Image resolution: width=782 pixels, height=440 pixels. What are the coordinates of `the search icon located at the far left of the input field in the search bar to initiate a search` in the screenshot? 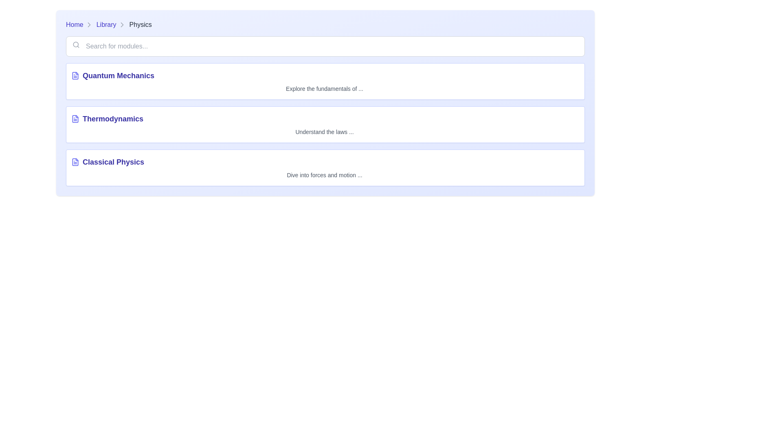 It's located at (76, 45).